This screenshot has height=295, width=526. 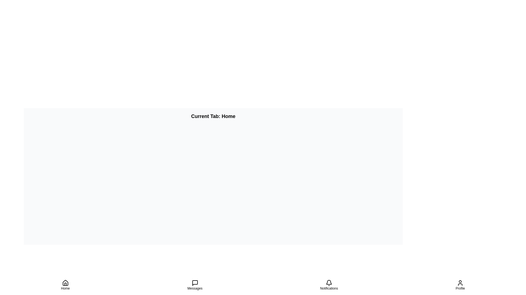 I want to click on the speech bubble icon segment in the bottom navigation bar, which is the second icon from the left, above the 'Messages' label, so click(x=195, y=283).